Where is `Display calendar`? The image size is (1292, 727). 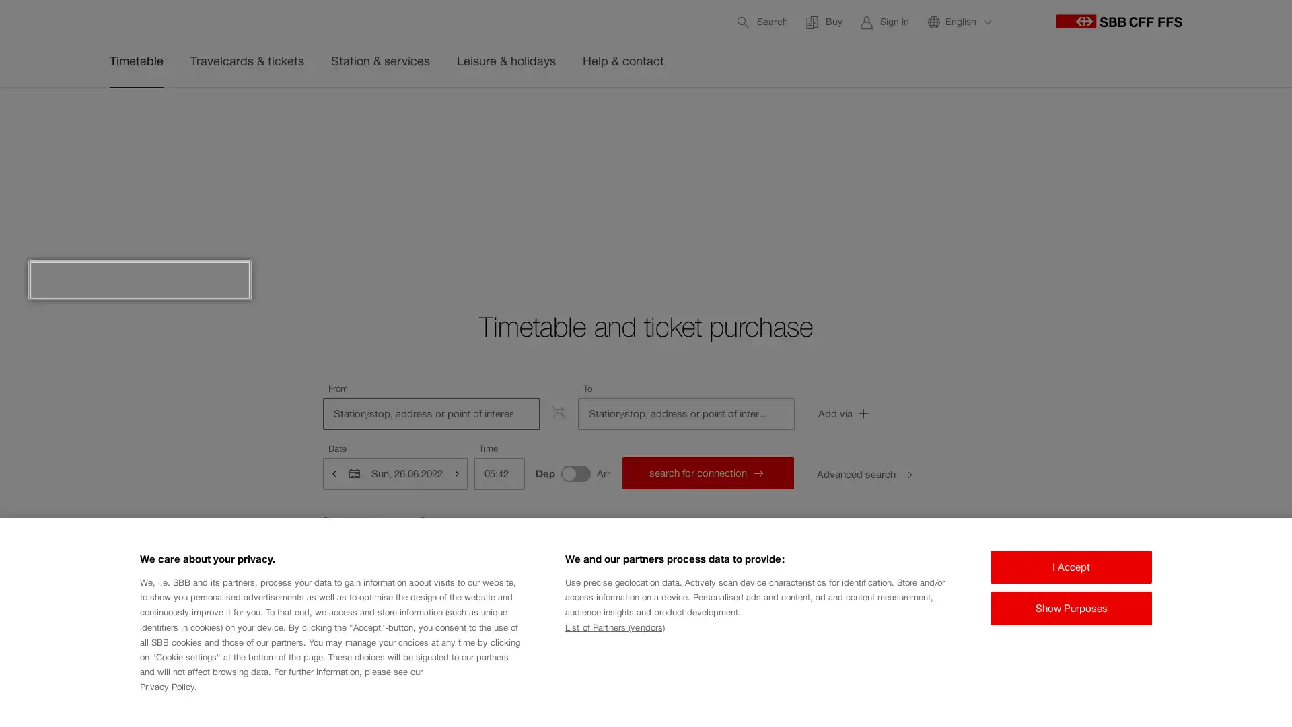 Display calendar is located at coordinates (355, 472).